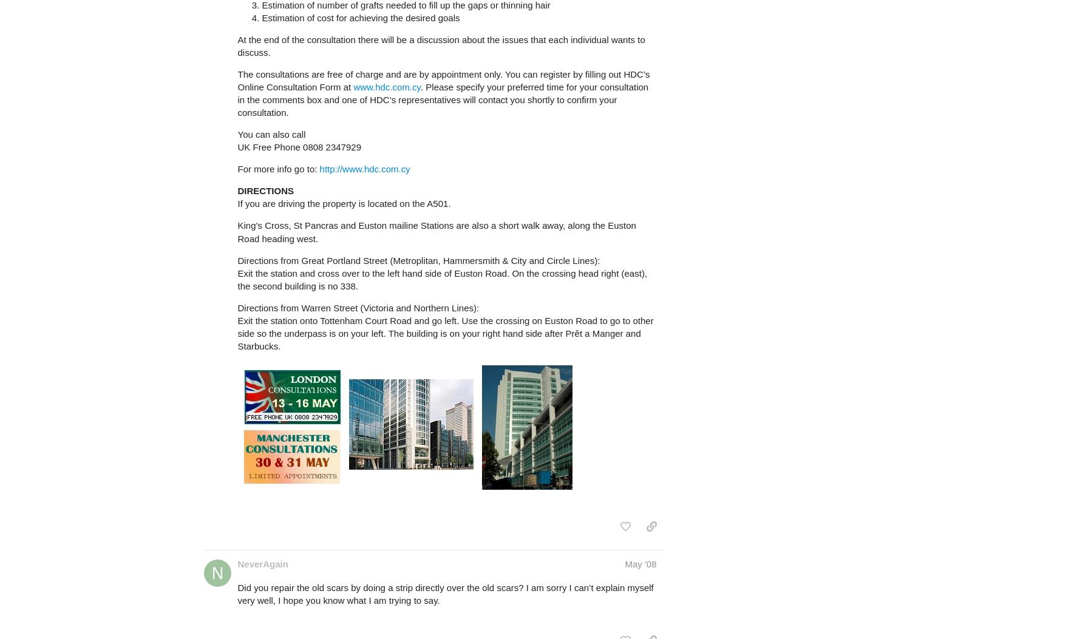 This screenshot has width=1080, height=639. What do you see at coordinates (443, 99) in the screenshot?
I see `'.  Please specify your preferred time for your consultation in the comments box and one of HDC’s representatives will contact you shortly to confirm your consultation.'` at bounding box center [443, 99].